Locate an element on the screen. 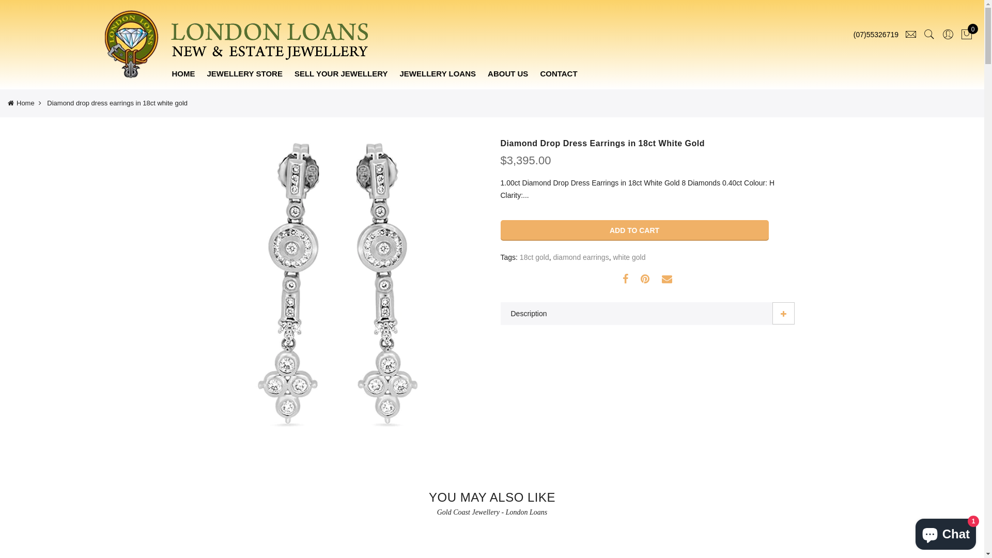  'Shopify online store chat' is located at coordinates (946, 532).